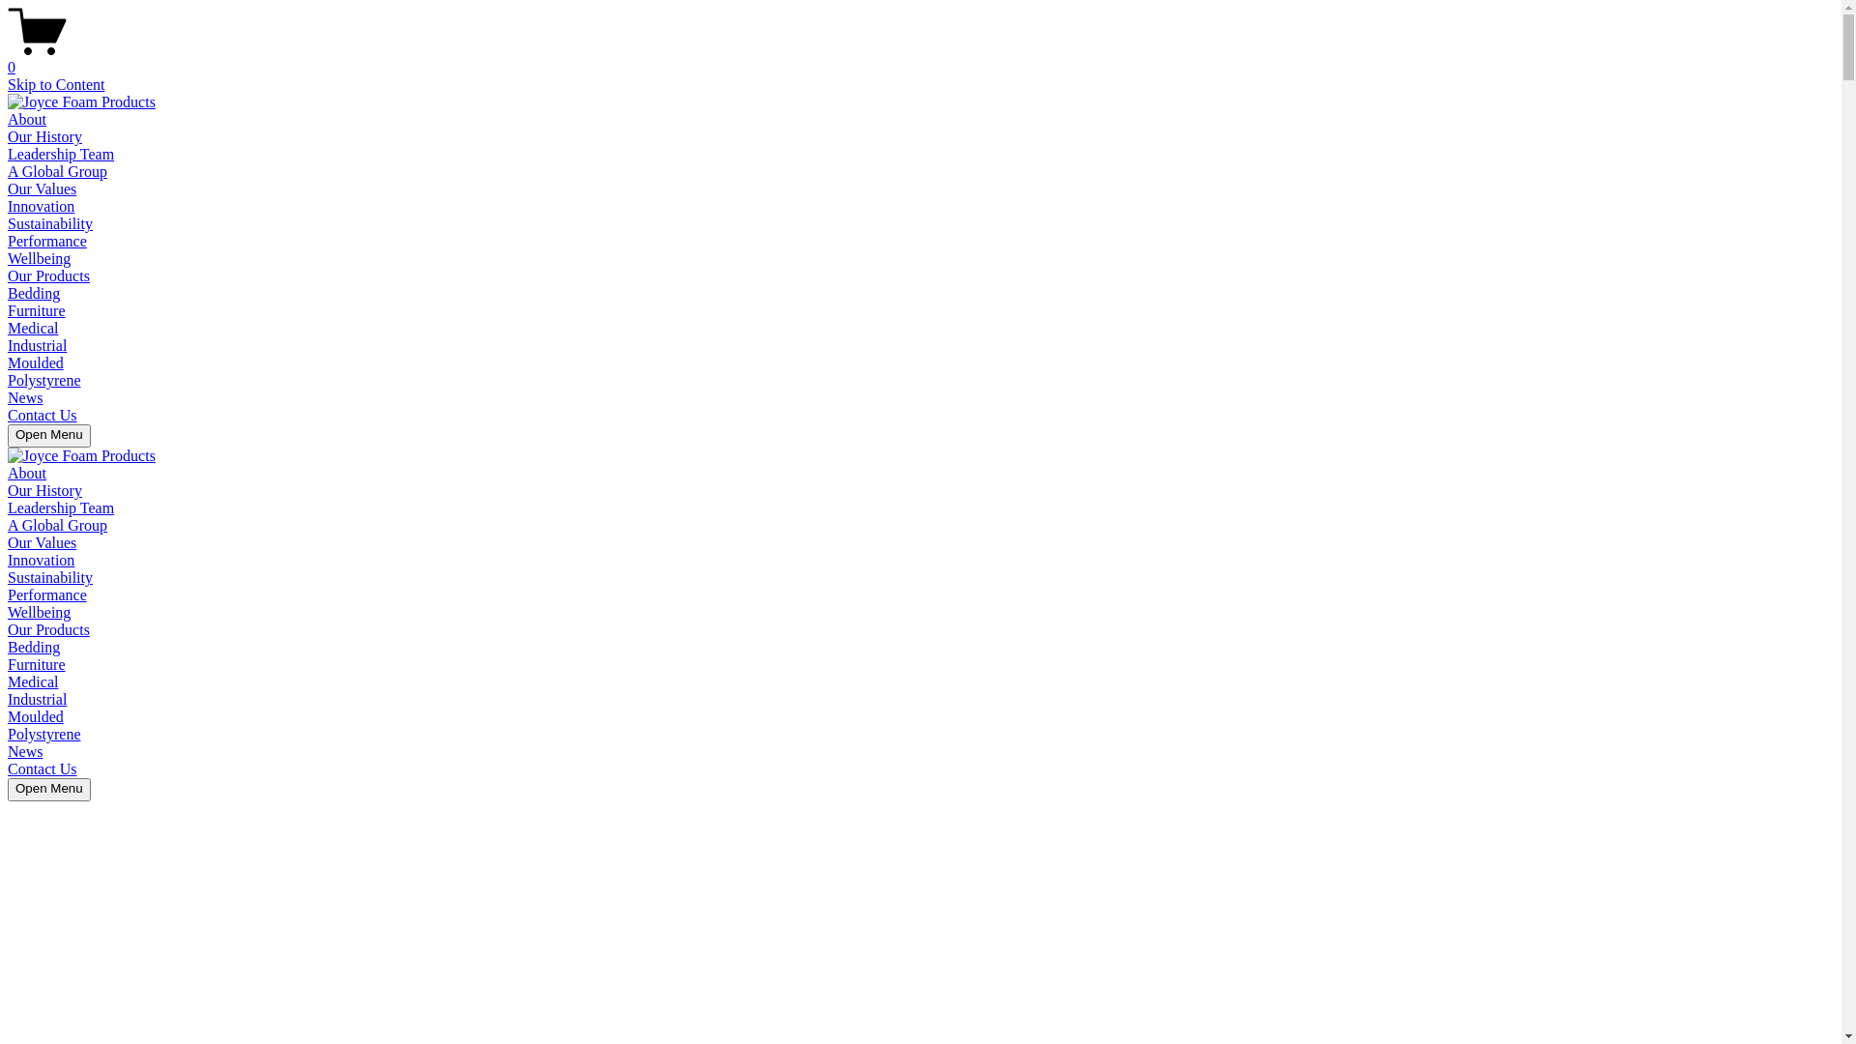 The height and width of the screenshot is (1044, 1856). Describe the element at coordinates (46, 594) in the screenshot. I see `'Performance'` at that location.